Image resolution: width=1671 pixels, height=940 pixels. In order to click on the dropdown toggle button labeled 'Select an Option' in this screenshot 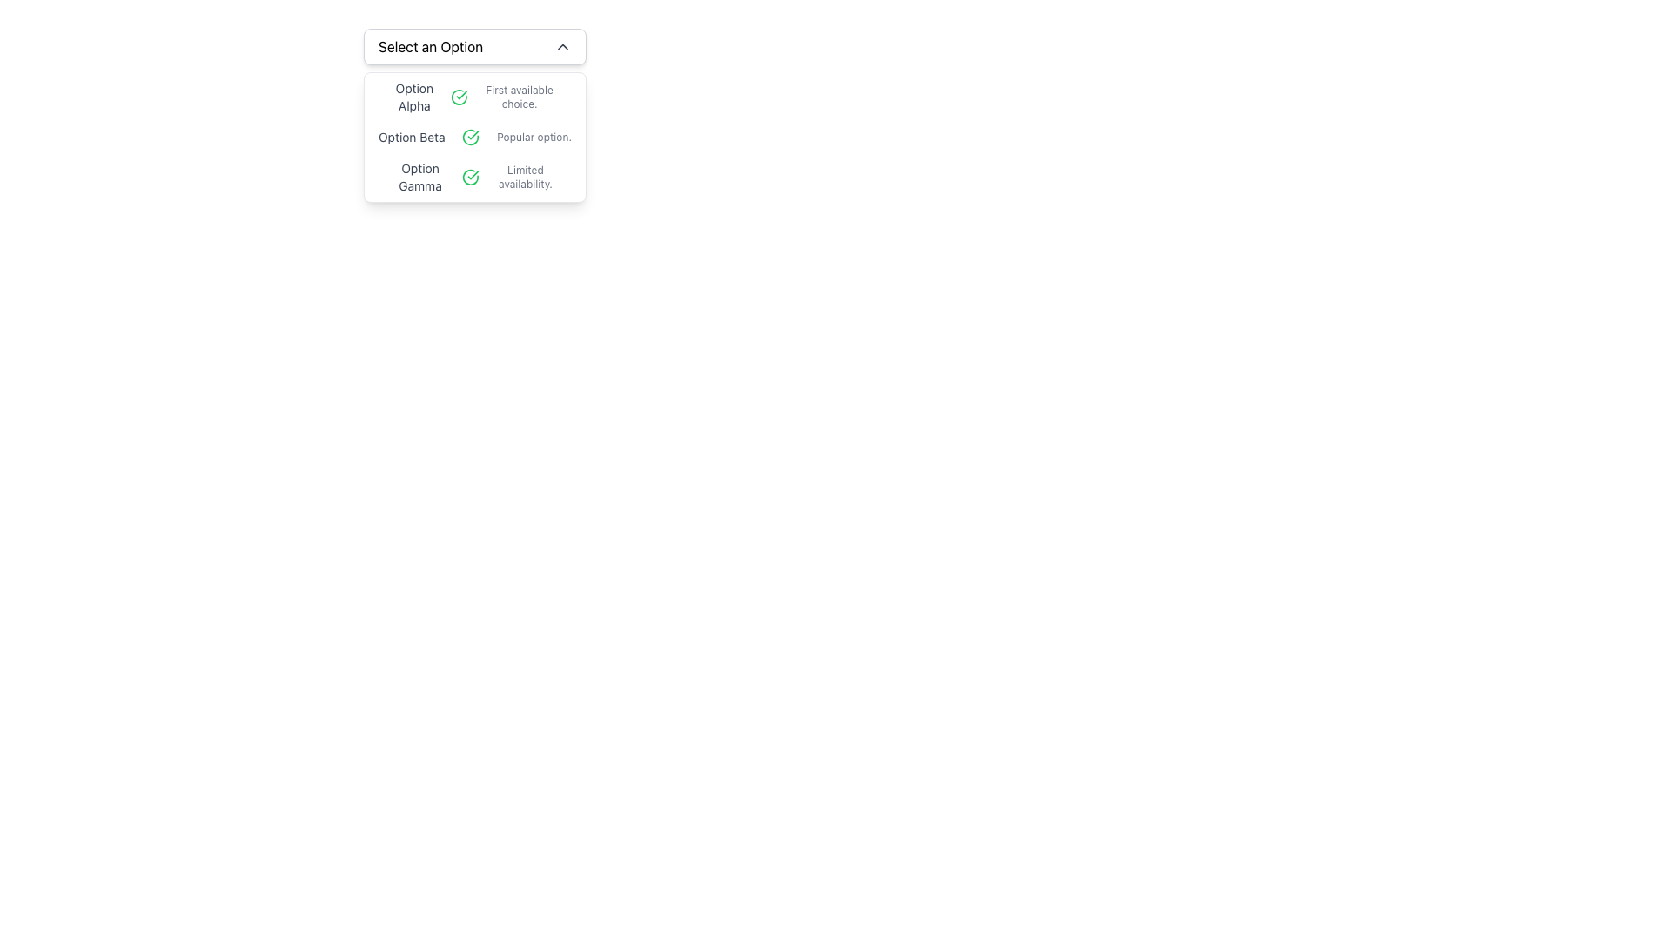, I will do `click(475, 46)`.